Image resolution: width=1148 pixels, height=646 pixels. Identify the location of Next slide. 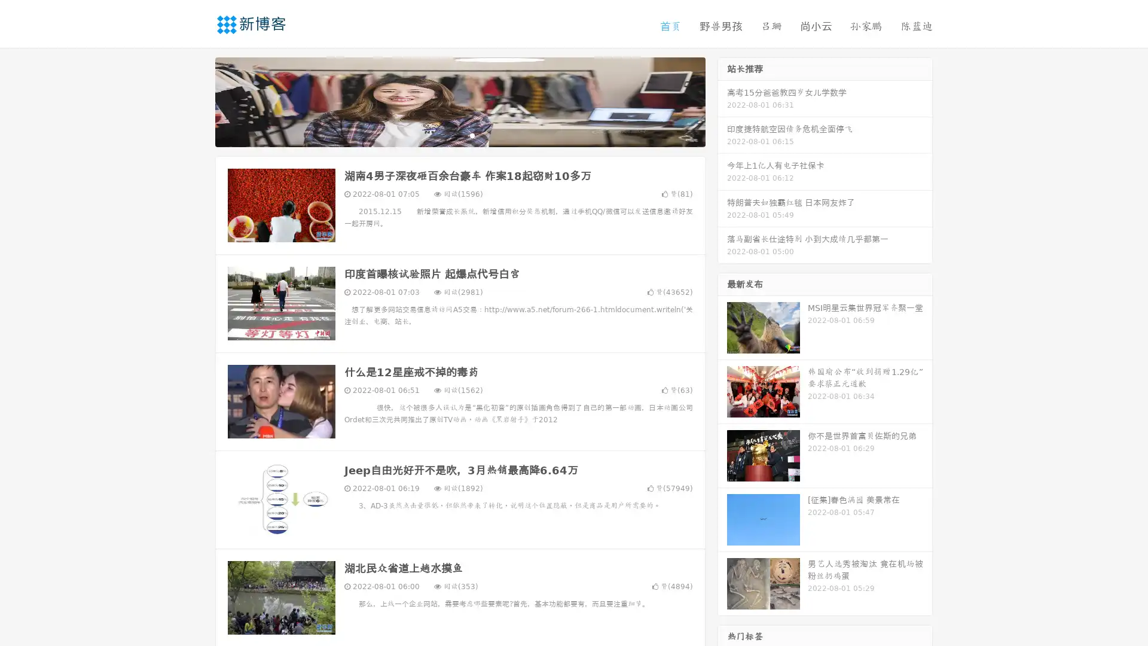
(722, 100).